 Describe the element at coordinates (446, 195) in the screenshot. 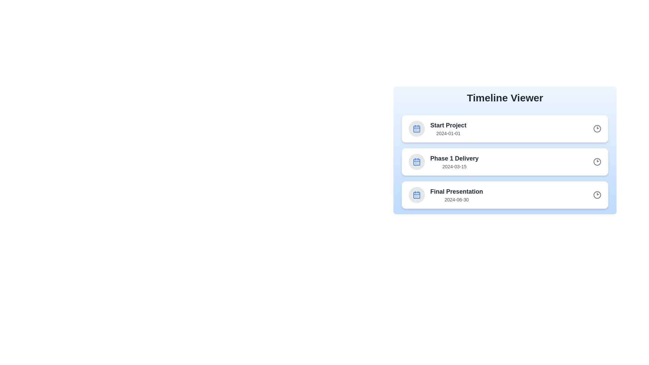

I see `the list item displaying 'Final Presentation' with the date '2024-06-30', which is the third item in the vertical list of timeline events within the 'Timeline Viewer'` at that location.